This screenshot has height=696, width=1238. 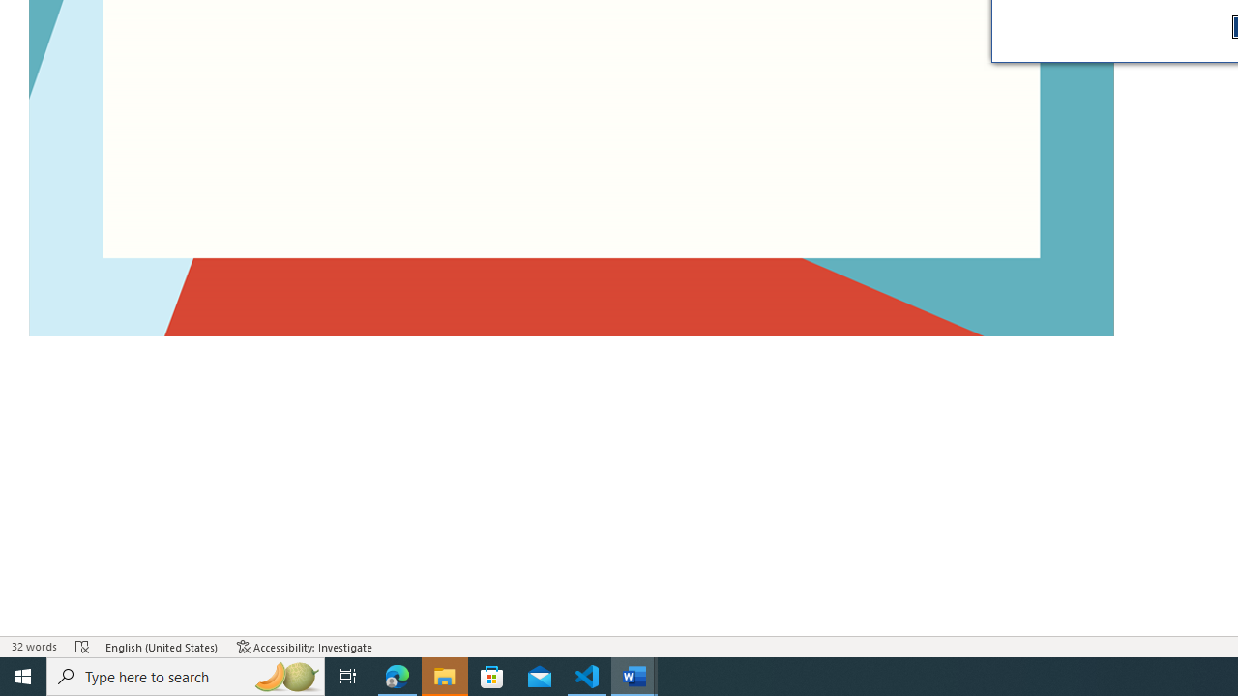 I want to click on 'Language English (United States)', so click(x=162, y=647).